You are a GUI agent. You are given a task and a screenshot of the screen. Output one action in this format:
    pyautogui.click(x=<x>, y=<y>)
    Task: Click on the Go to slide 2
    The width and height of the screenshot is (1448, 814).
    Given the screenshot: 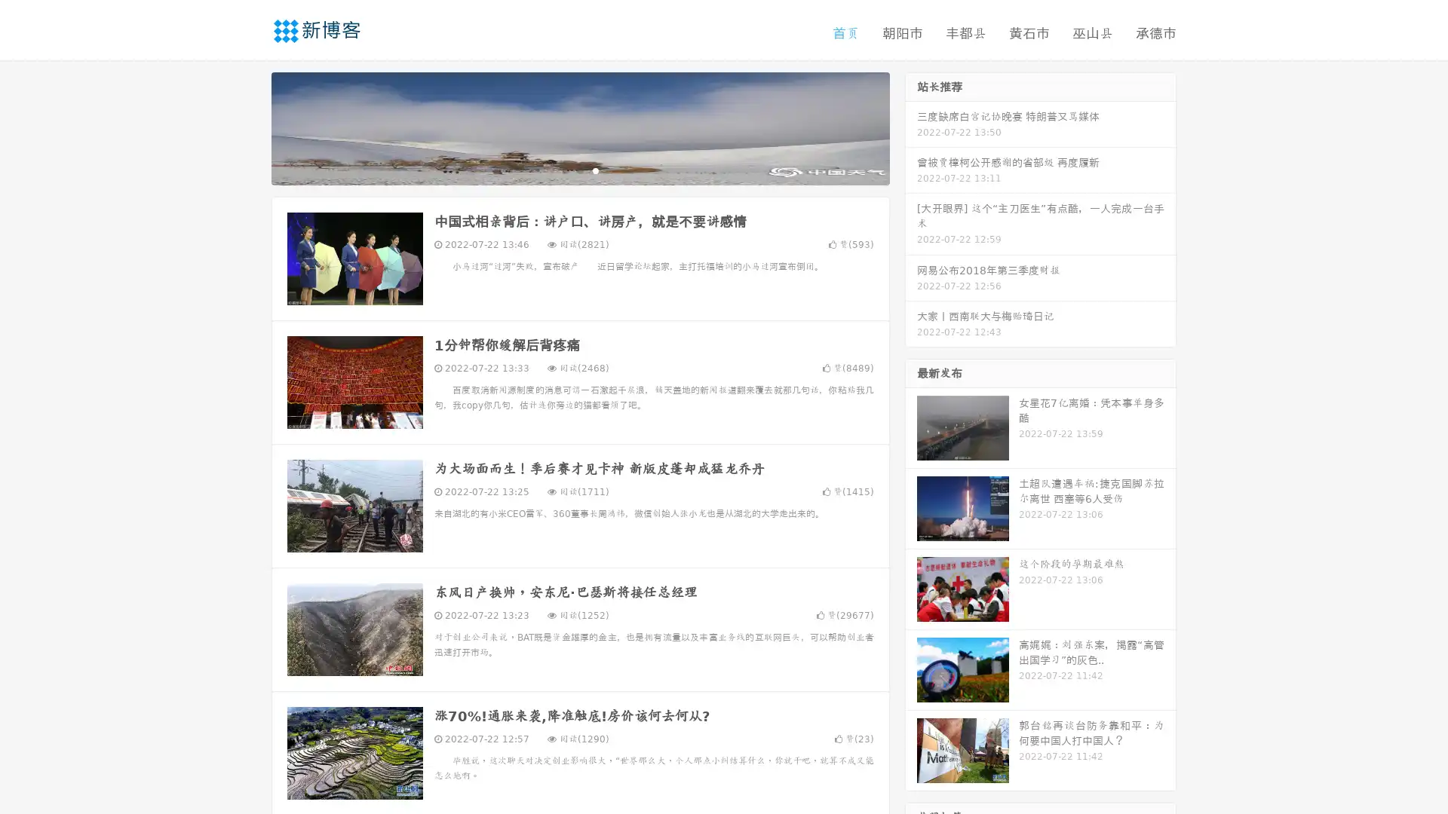 What is the action you would take?
    pyautogui.click(x=579, y=170)
    